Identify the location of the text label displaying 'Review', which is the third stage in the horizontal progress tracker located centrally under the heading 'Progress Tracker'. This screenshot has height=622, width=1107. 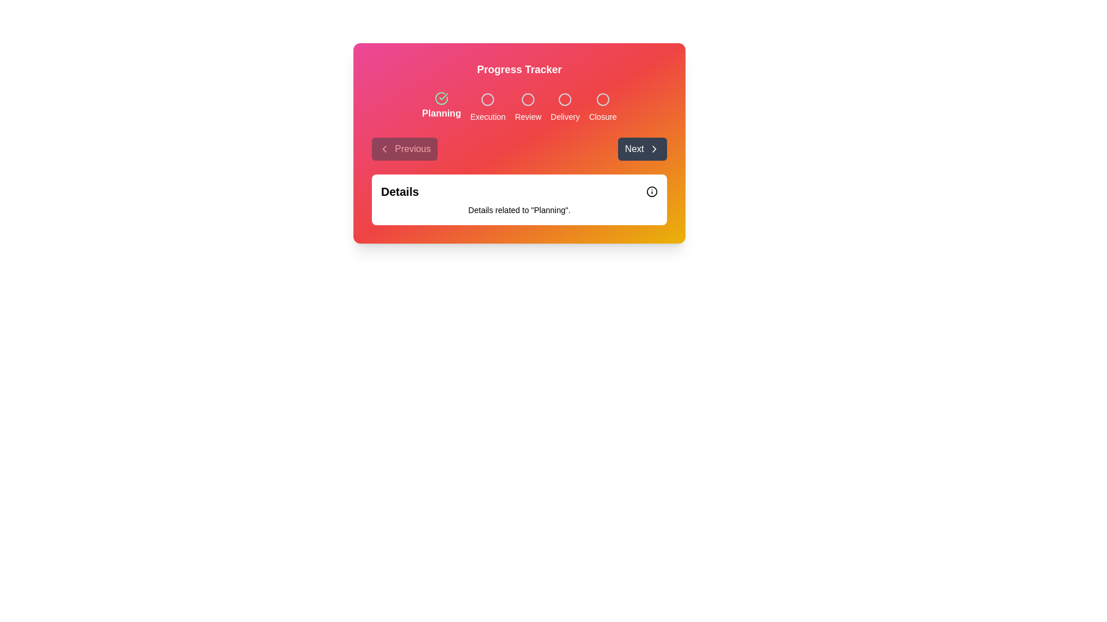
(528, 117).